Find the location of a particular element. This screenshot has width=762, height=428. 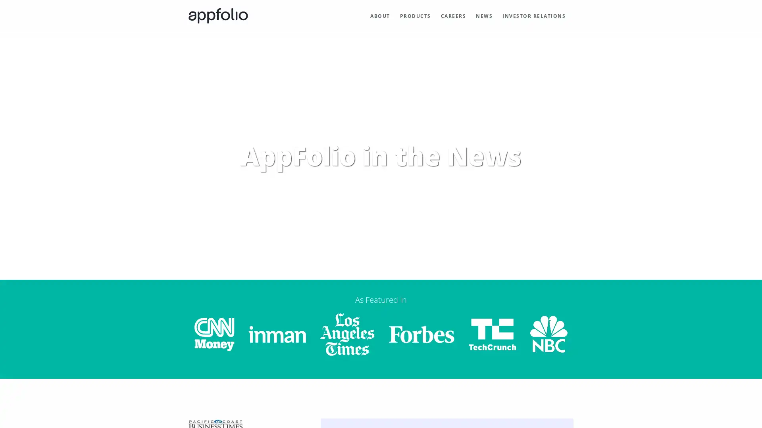

dismiss cookie message is located at coordinates (675, 418).